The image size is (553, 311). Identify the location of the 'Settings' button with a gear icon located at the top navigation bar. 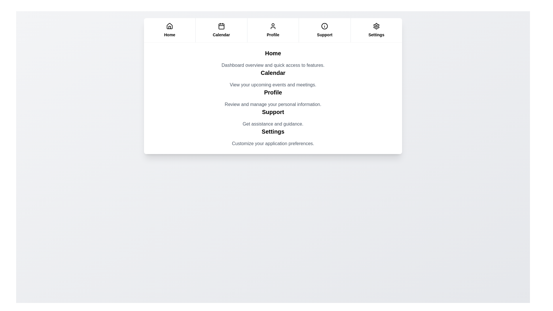
(376, 30).